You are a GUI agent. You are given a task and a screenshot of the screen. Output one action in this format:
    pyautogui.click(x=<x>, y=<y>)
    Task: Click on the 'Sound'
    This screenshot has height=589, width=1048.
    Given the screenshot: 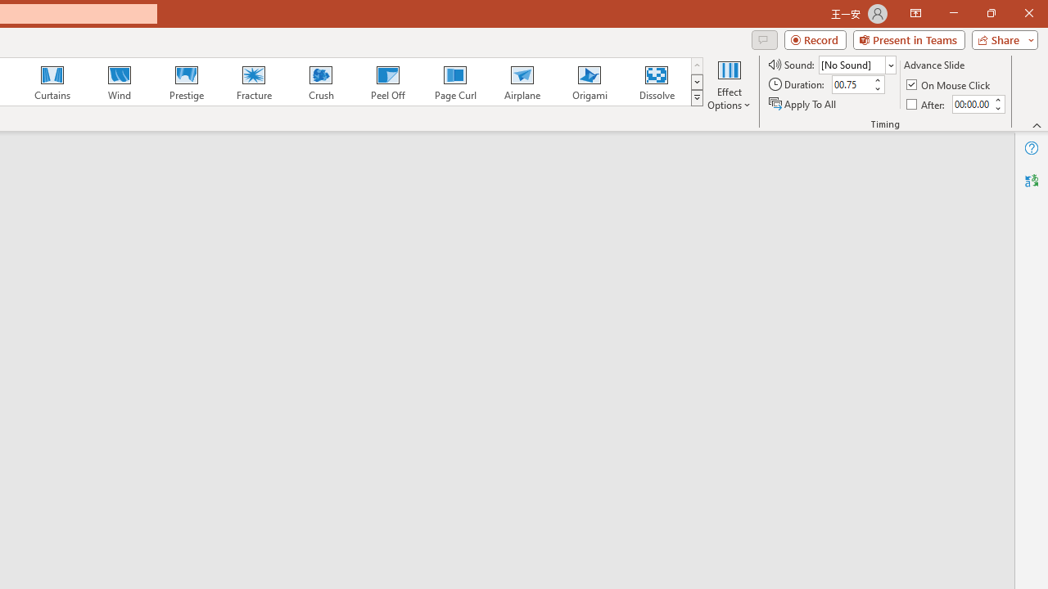 What is the action you would take?
    pyautogui.click(x=856, y=64)
    